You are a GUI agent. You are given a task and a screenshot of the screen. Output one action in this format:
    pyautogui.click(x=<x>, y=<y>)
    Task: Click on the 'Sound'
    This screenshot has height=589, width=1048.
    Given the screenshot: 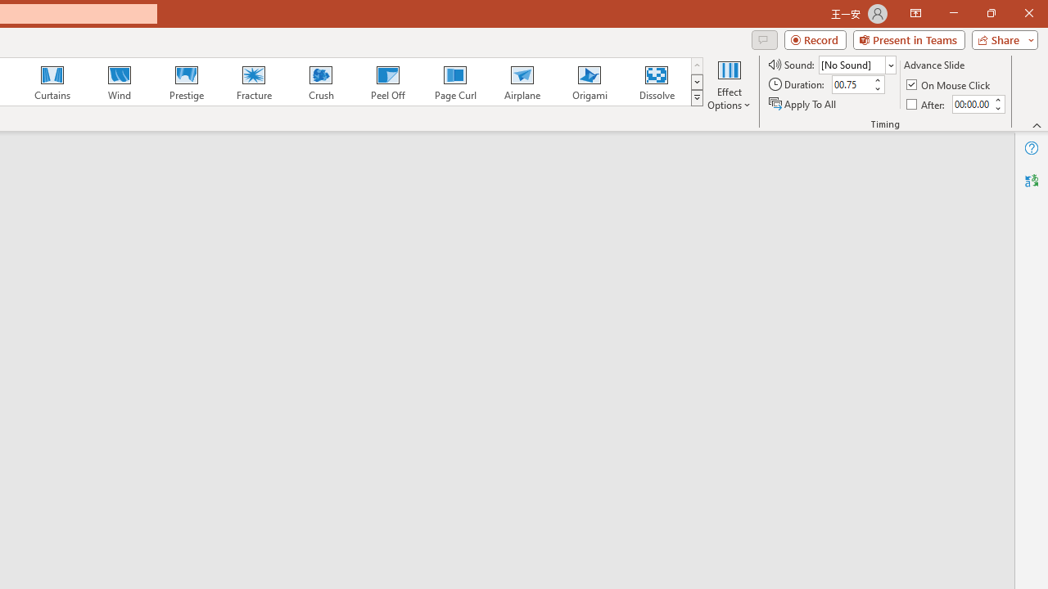 What is the action you would take?
    pyautogui.click(x=856, y=64)
    